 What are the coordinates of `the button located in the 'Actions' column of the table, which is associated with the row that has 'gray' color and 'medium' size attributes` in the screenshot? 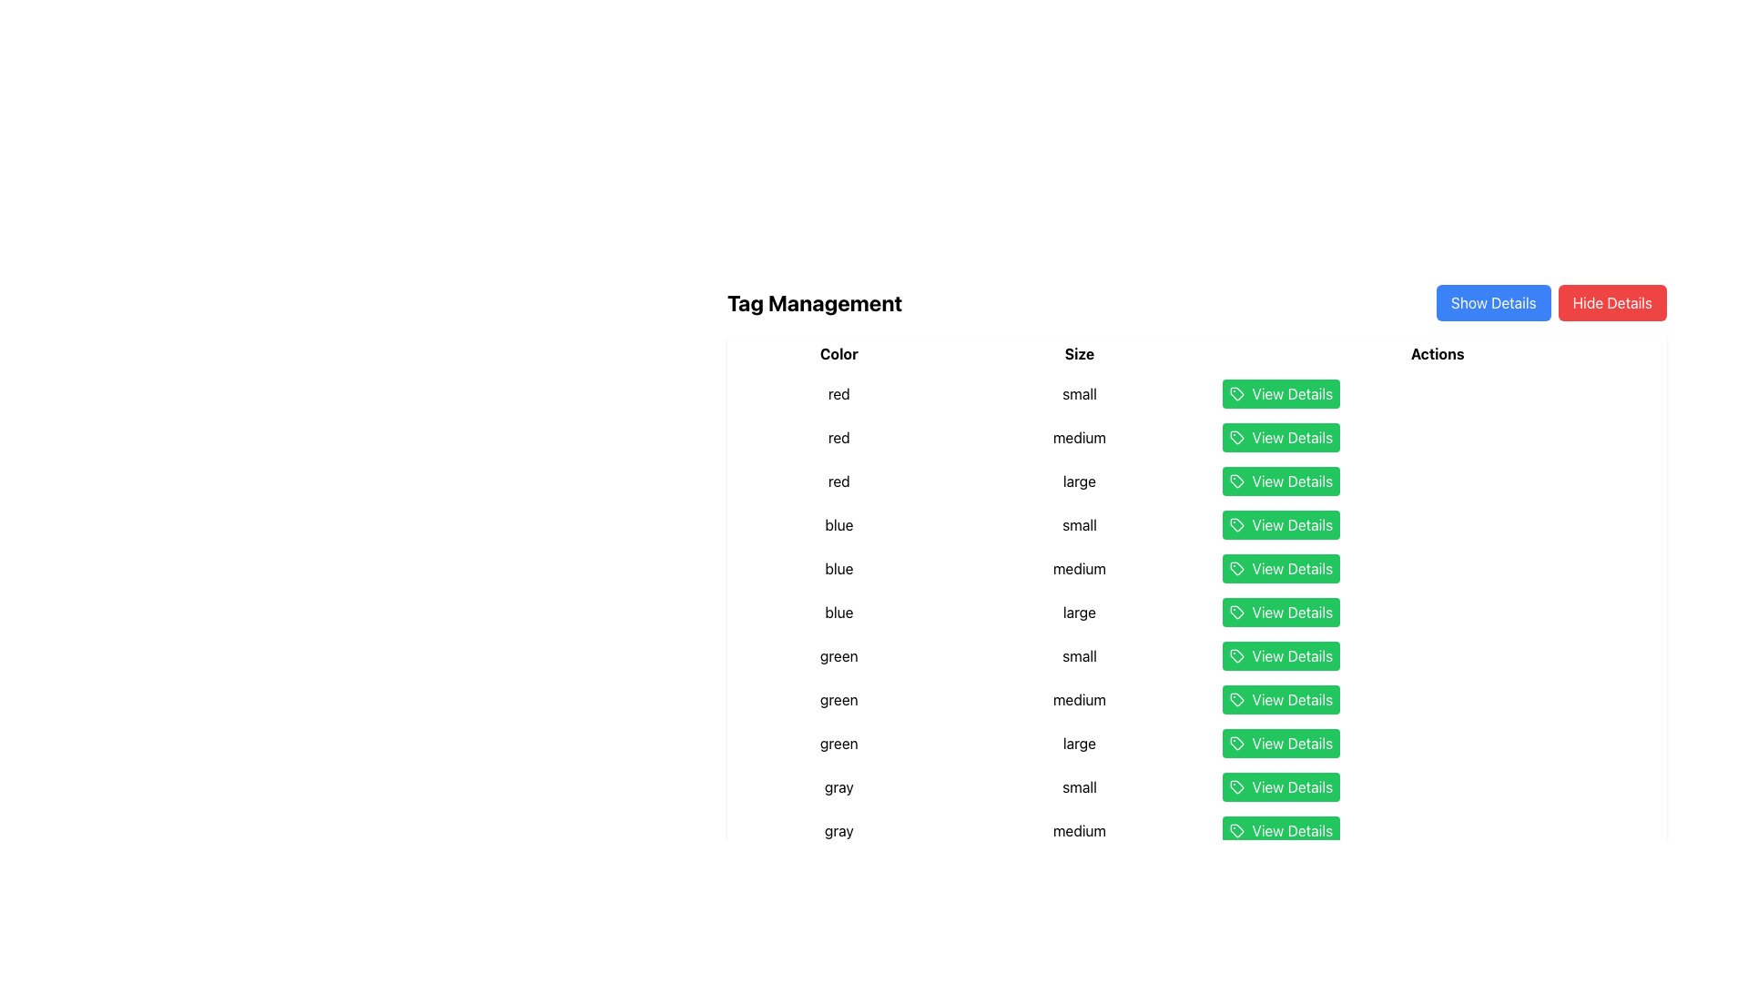 It's located at (1437, 831).